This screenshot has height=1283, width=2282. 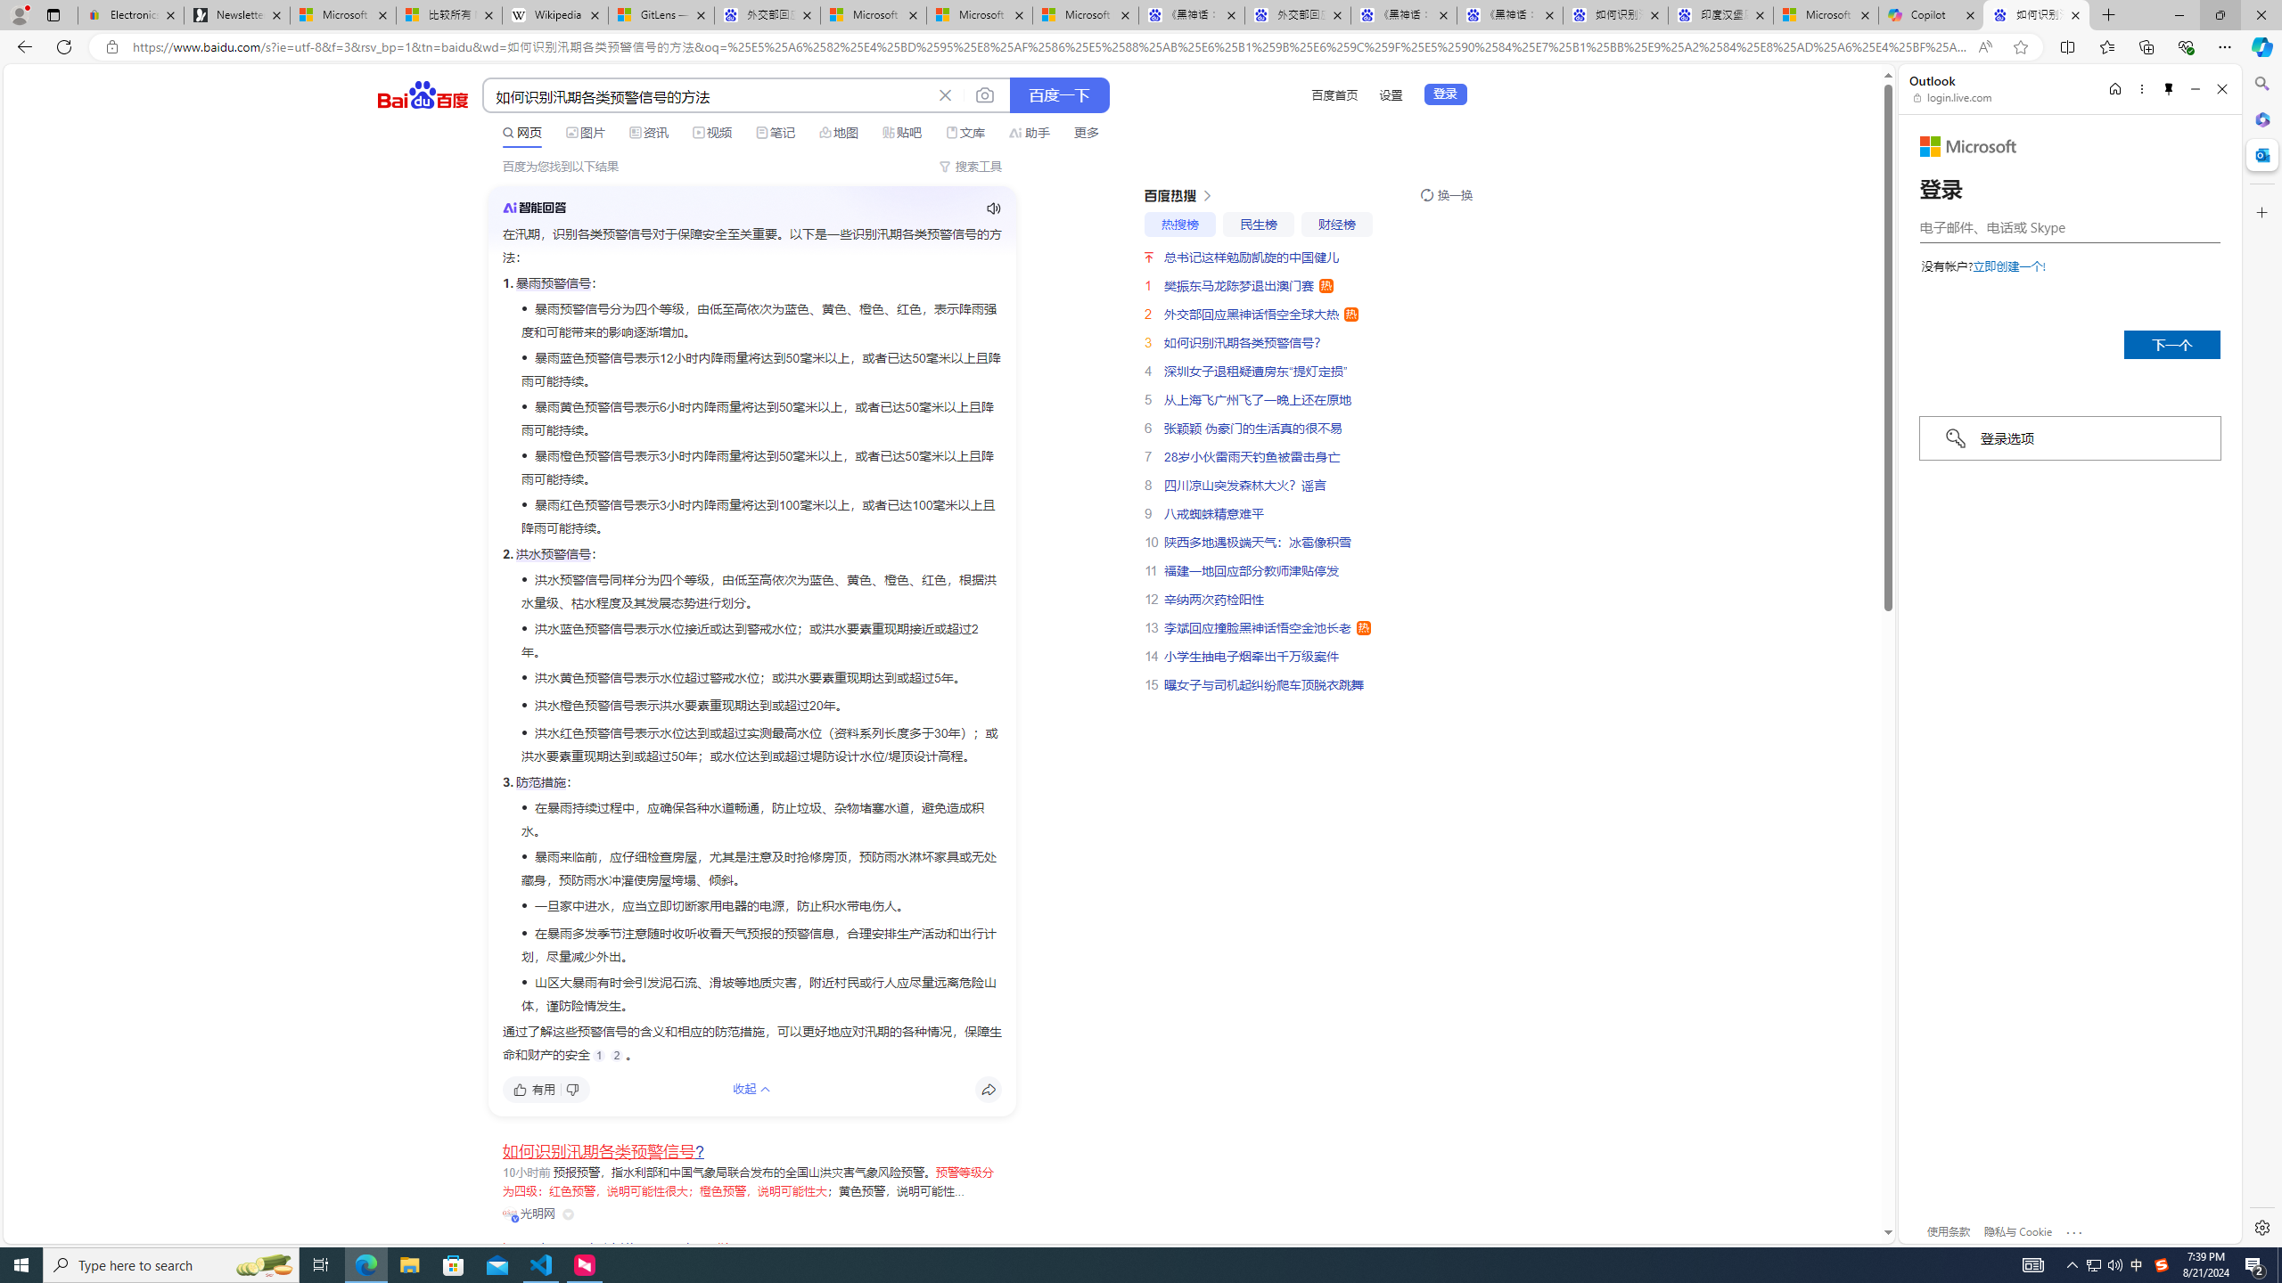 What do you see at coordinates (2261, 655) in the screenshot?
I see `'Side bar'` at bounding box center [2261, 655].